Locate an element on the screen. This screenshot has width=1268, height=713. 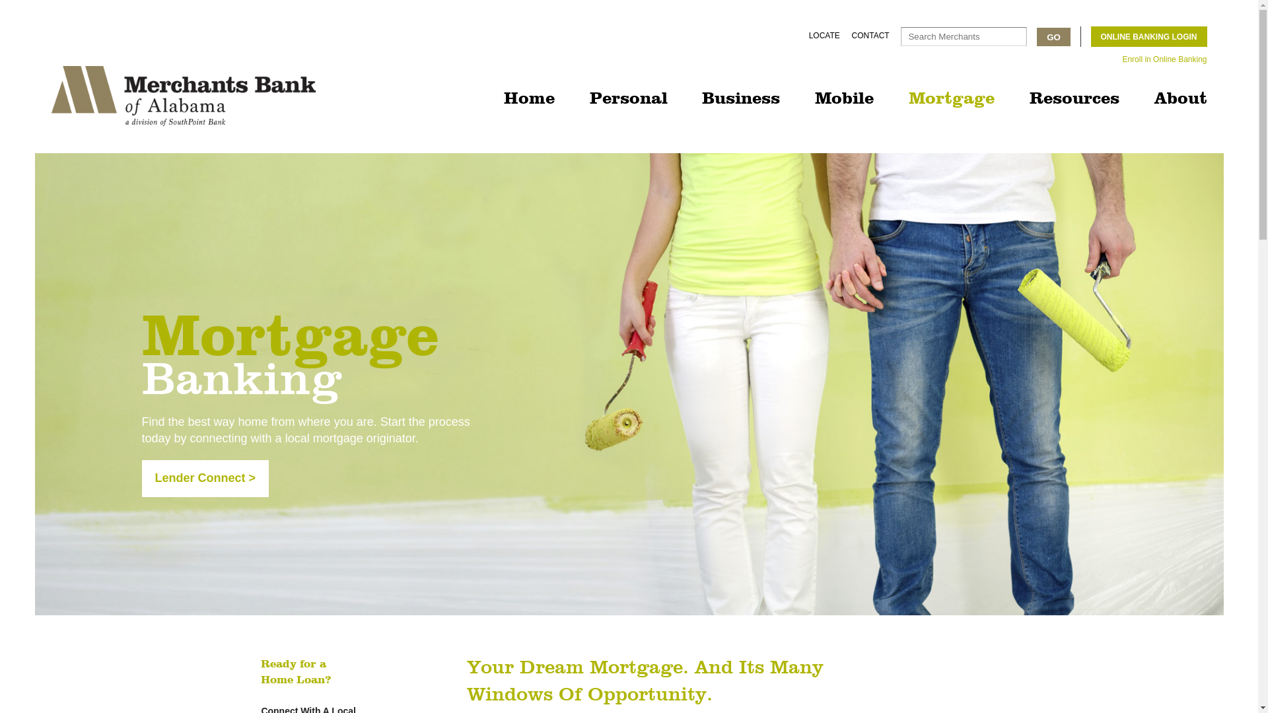
'Enroll in Online Banking' is located at coordinates (1164, 58).